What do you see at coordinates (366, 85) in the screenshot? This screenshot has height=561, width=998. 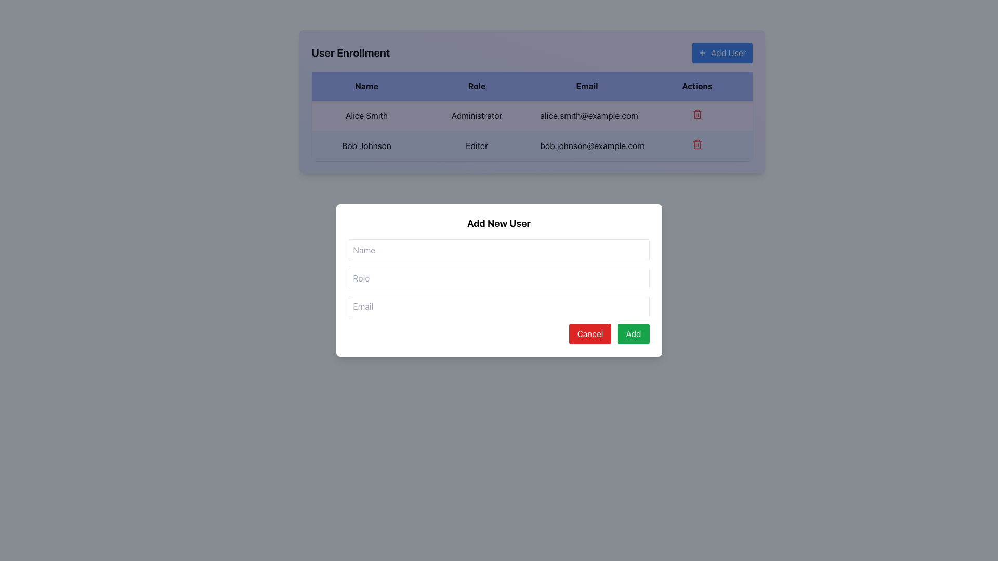 I see `the 'Name' header label in the User Enrollment section, which is located in the top-left cell of the header row indicating the names of individuals` at bounding box center [366, 85].